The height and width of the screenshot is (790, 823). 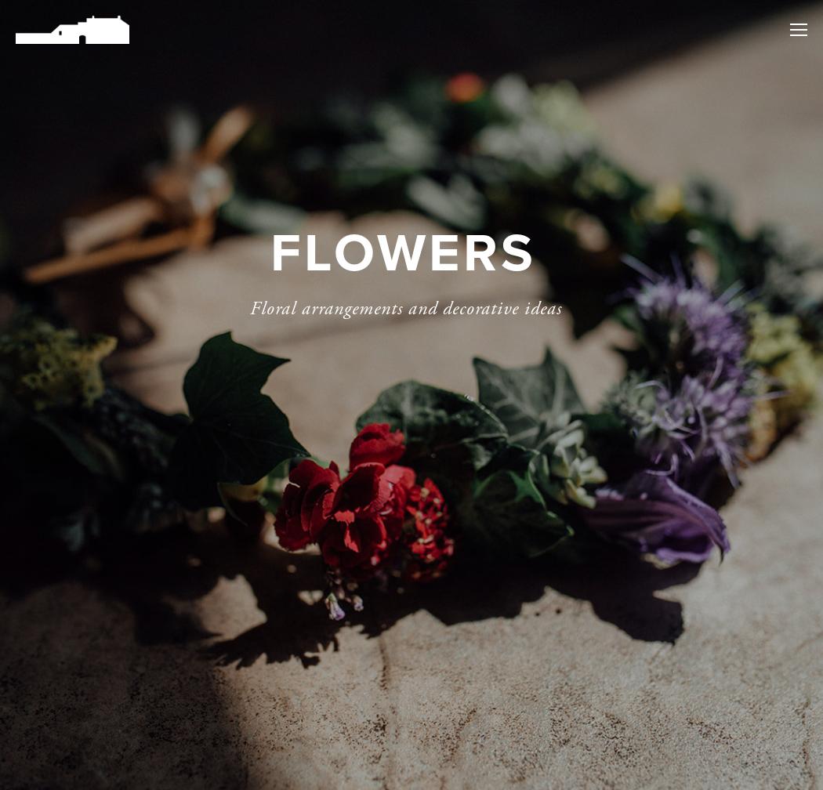 I want to click on 'Home', so click(x=665, y=31).